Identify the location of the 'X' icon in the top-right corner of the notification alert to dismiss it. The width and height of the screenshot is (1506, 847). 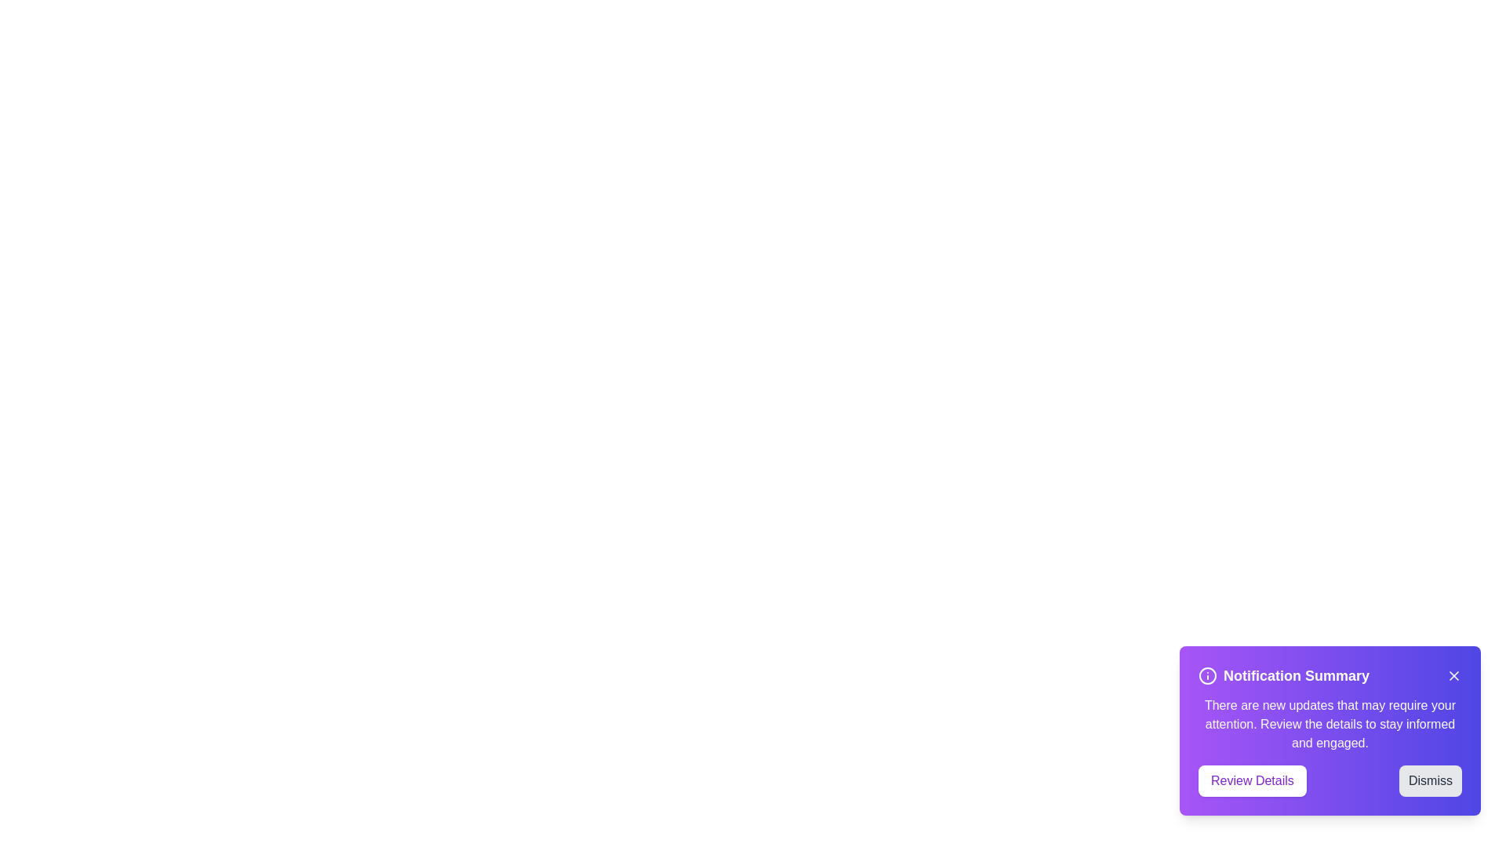
(1453, 674).